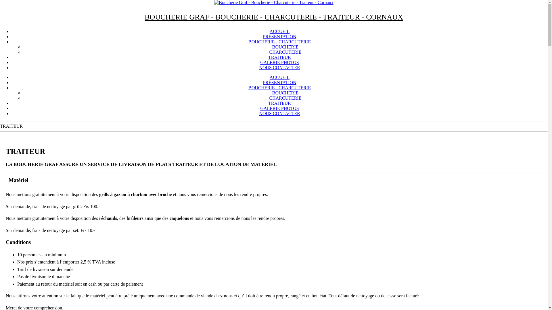 The width and height of the screenshot is (552, 310). I want to click on 'GALERIE PHOTOS', so click(260, 108).